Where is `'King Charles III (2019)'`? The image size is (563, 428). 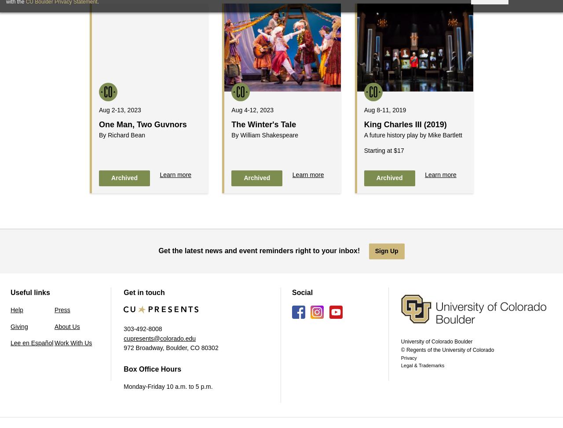
'King Charles III (2019)' is located at coordinates (404, 125).